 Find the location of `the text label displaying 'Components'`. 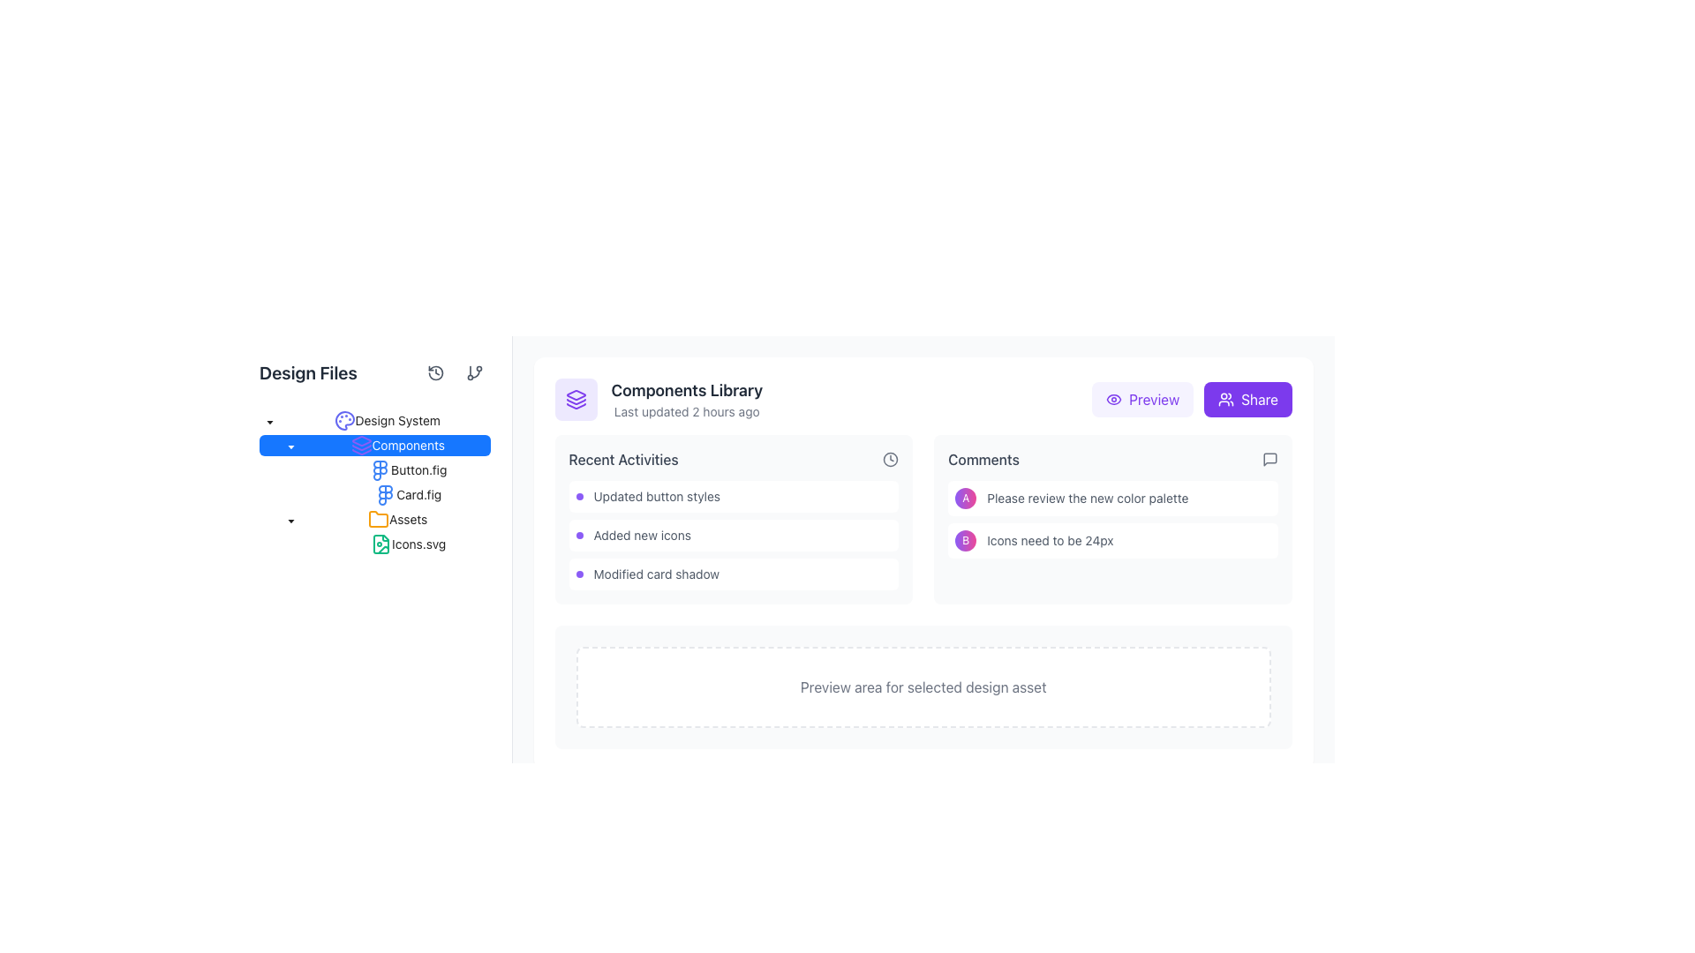

the text label displaying 'Components' is located at coordinates (407, 444).